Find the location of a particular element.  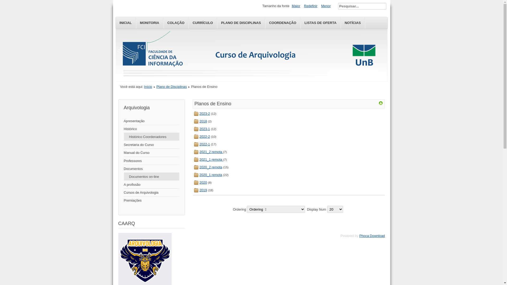

'2018' is located at coordinates (199, 121).